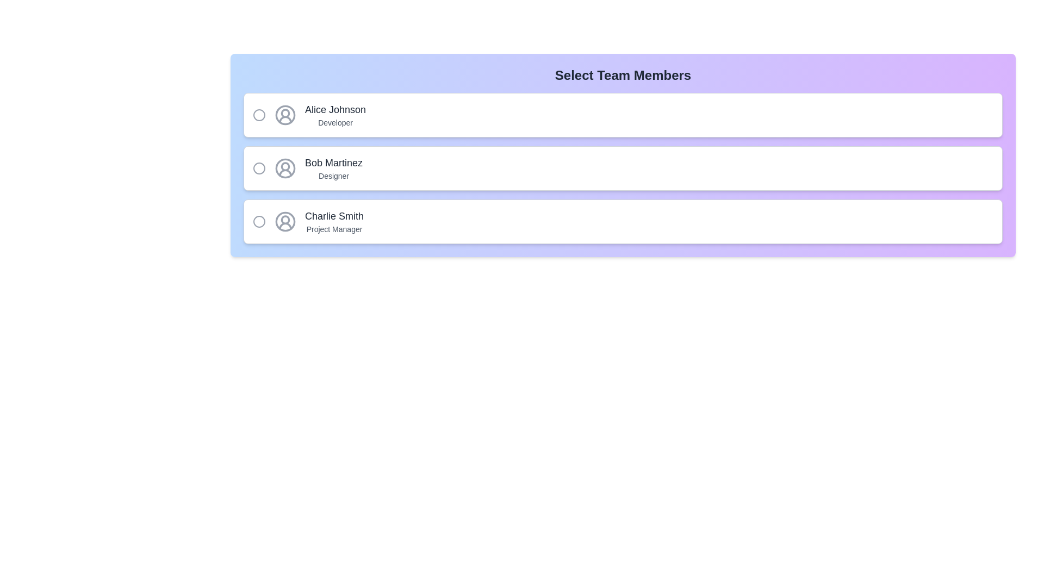  I want to click on the circular checkbox icon adjacent to the text 'Charlie Smith', so click(258, 221).